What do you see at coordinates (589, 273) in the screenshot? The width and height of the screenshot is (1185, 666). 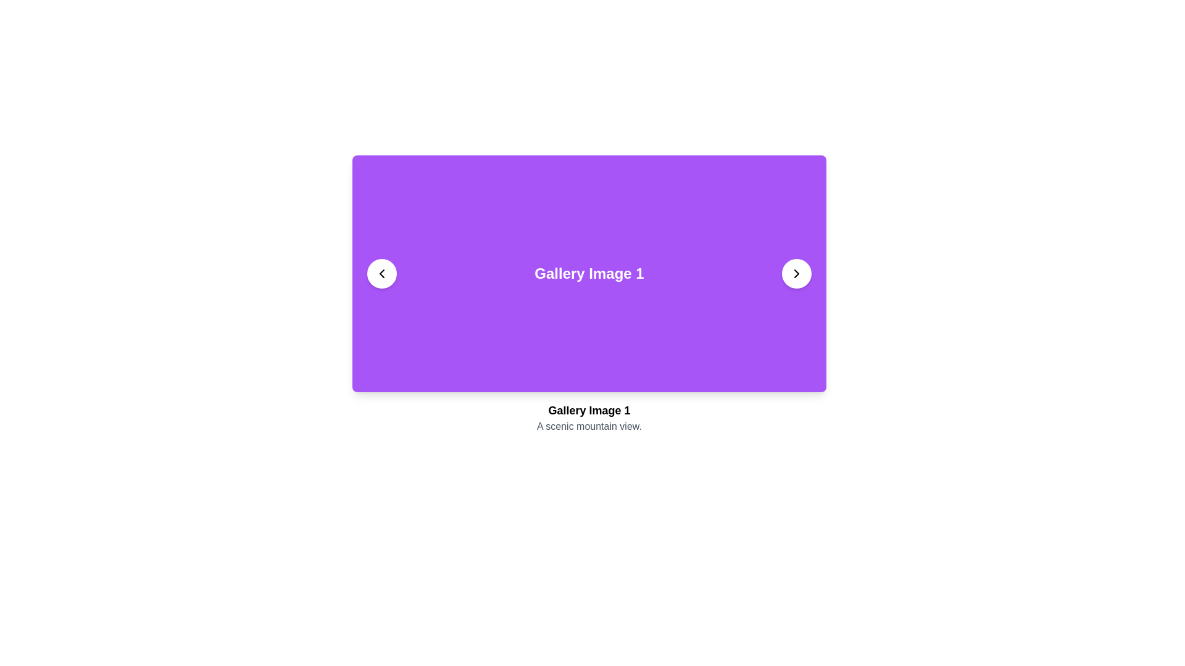 I see `the text label displaying 'Gallery Image 1' which is in bold white font against a vibrant purple background` at bounding box center [589, 273].